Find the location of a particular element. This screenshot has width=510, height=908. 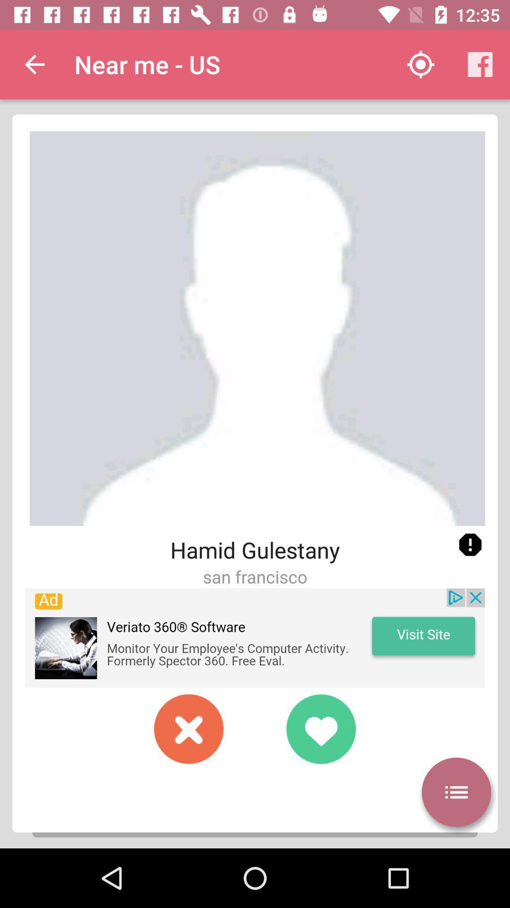

reject this user is located at coordinates (189, 728).